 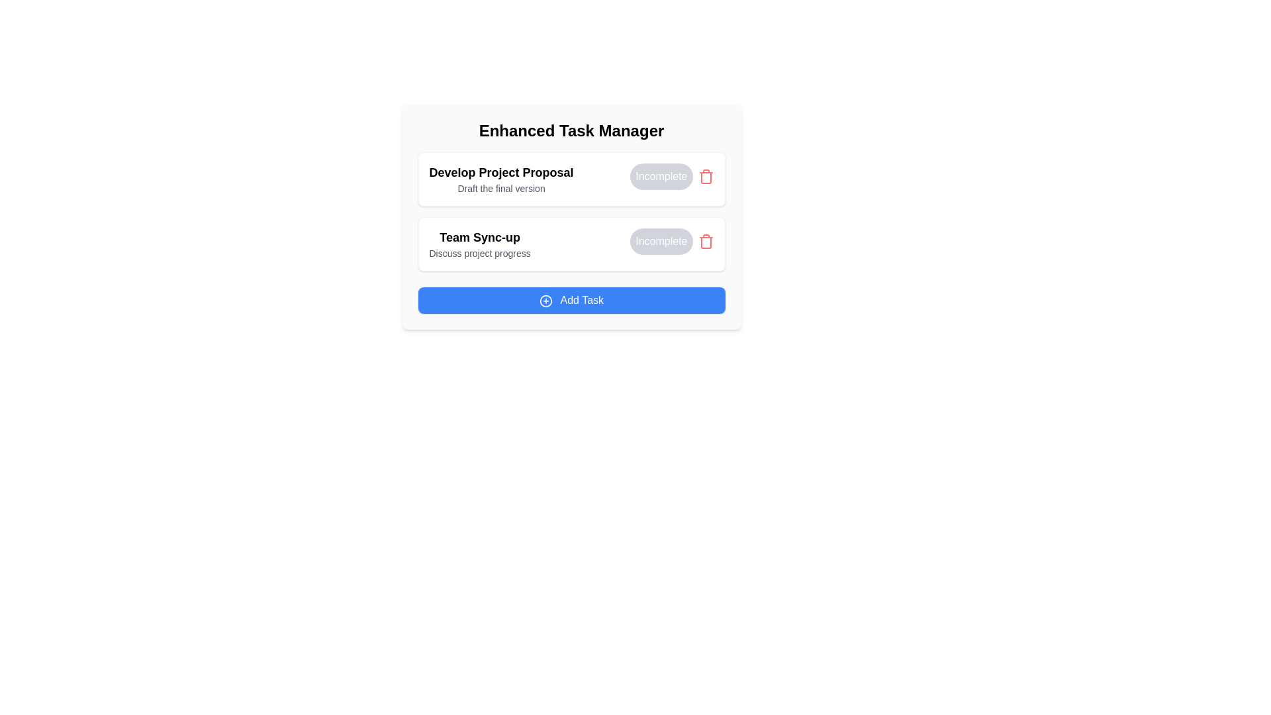 What do you see at coordinates (661, 242) in the screenshot?
I see `the pill-shaped button labeled 'Incomplete' that is part of the 'Team Sync-up' row for keyboard navigation` at bounding box center [661, 242].